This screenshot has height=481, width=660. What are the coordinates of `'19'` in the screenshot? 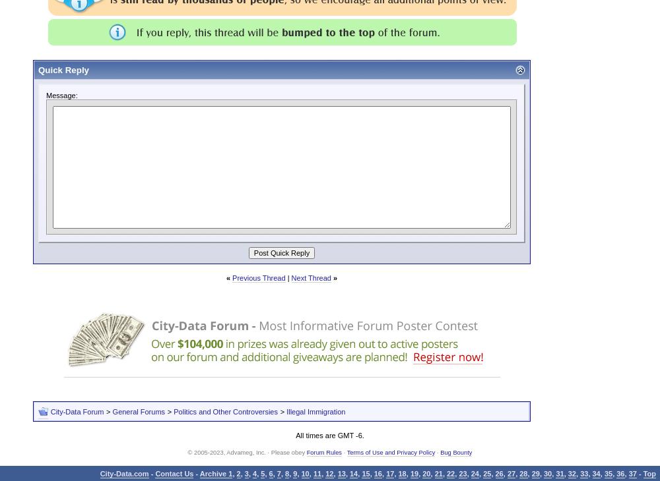 It's located at (414, 473).